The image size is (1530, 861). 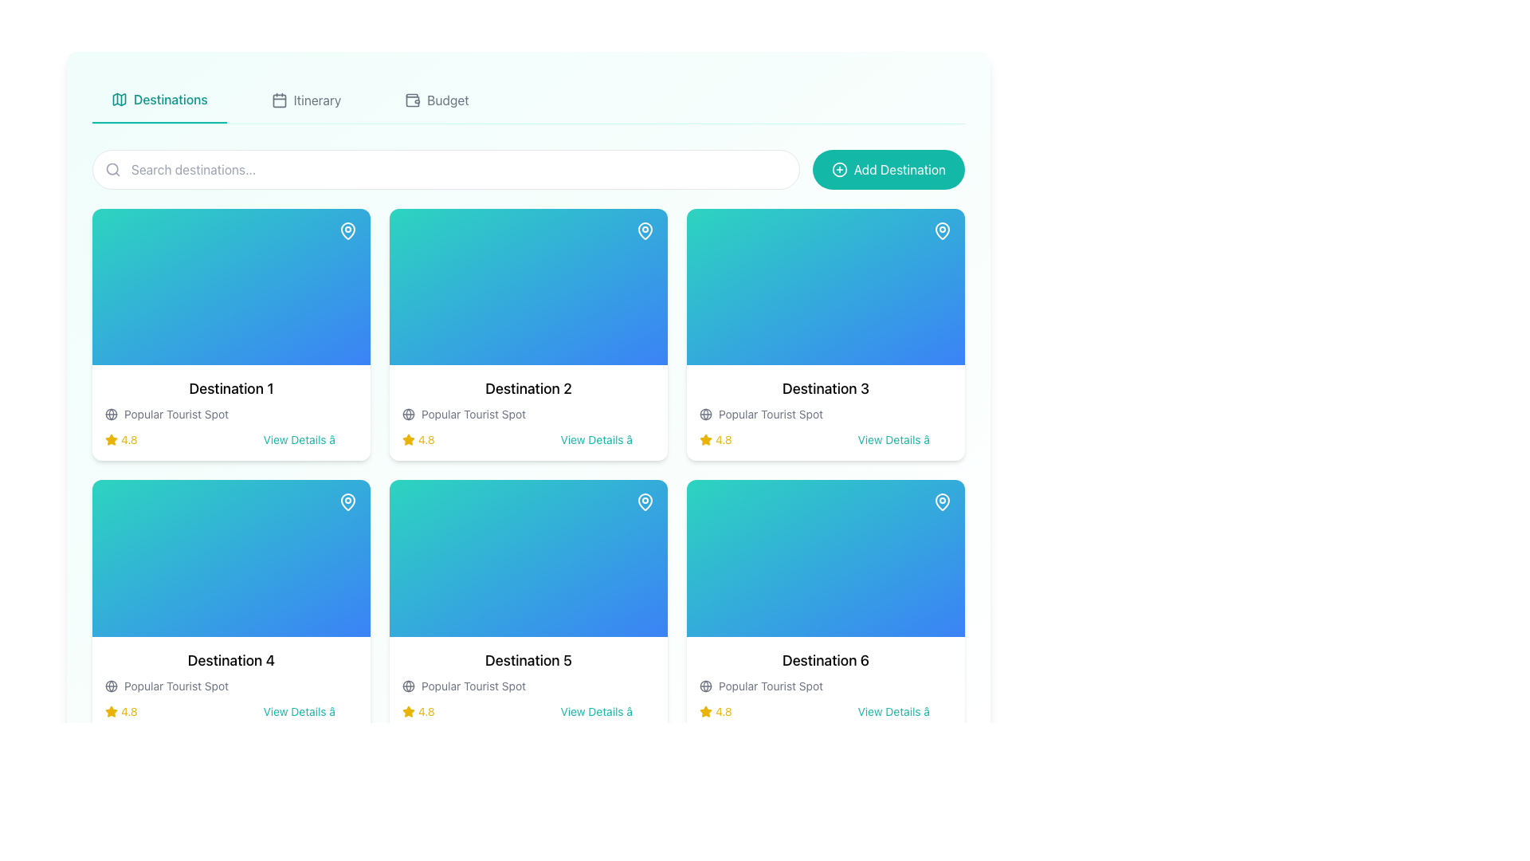 I want to click on the Decorative SVG Circle element located inside the globe icon, adjacent to the 'Destination 4' details box in the second row, so click(x=110, y=685).